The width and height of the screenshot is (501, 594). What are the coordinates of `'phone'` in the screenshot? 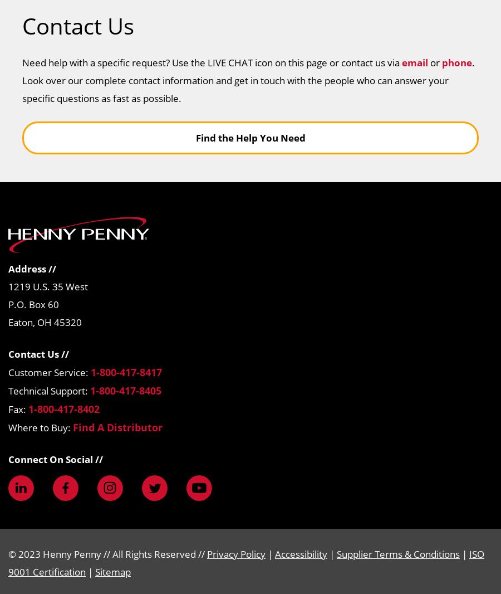 It's located at (456, 61).